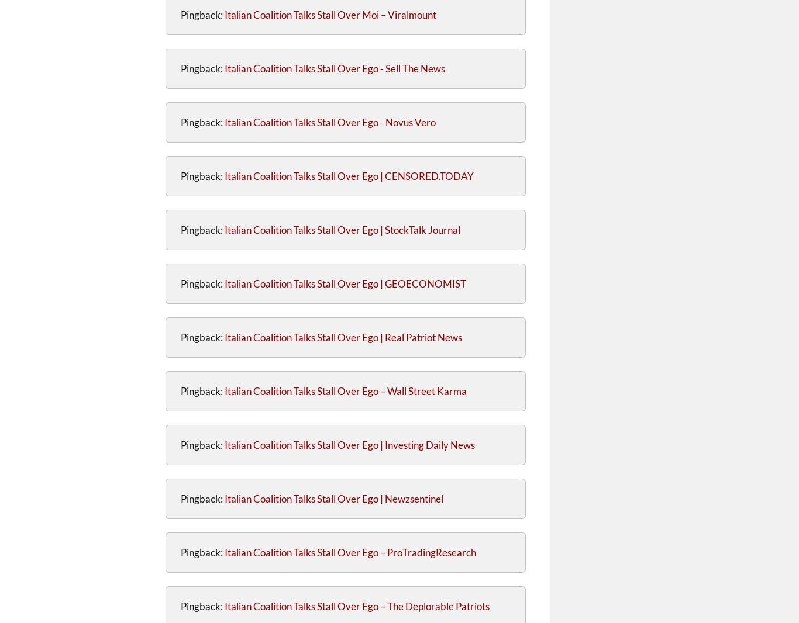 The image size is (799, 623). Describe the element at coordinates (349, 444) in the screenshot. I see `'Italian Coalition Talks Stall Over Ego | Investing Daily News'` at that location.